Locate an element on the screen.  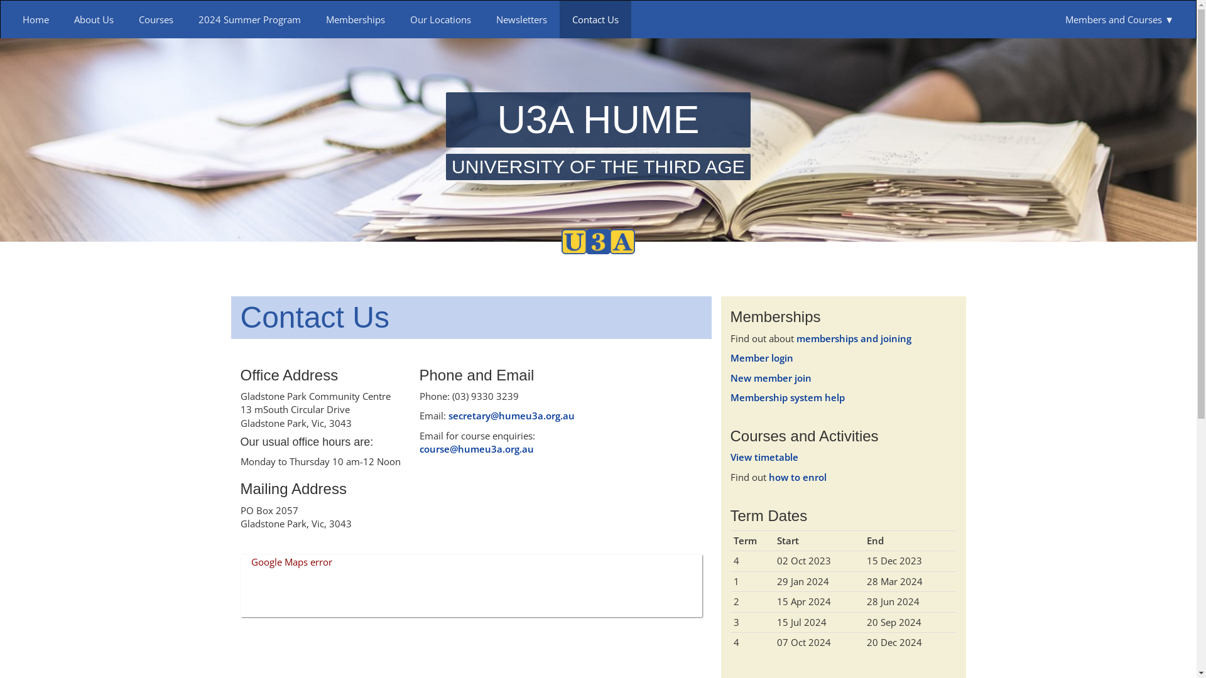
'View timetable' is located at coordinates (763, 457).